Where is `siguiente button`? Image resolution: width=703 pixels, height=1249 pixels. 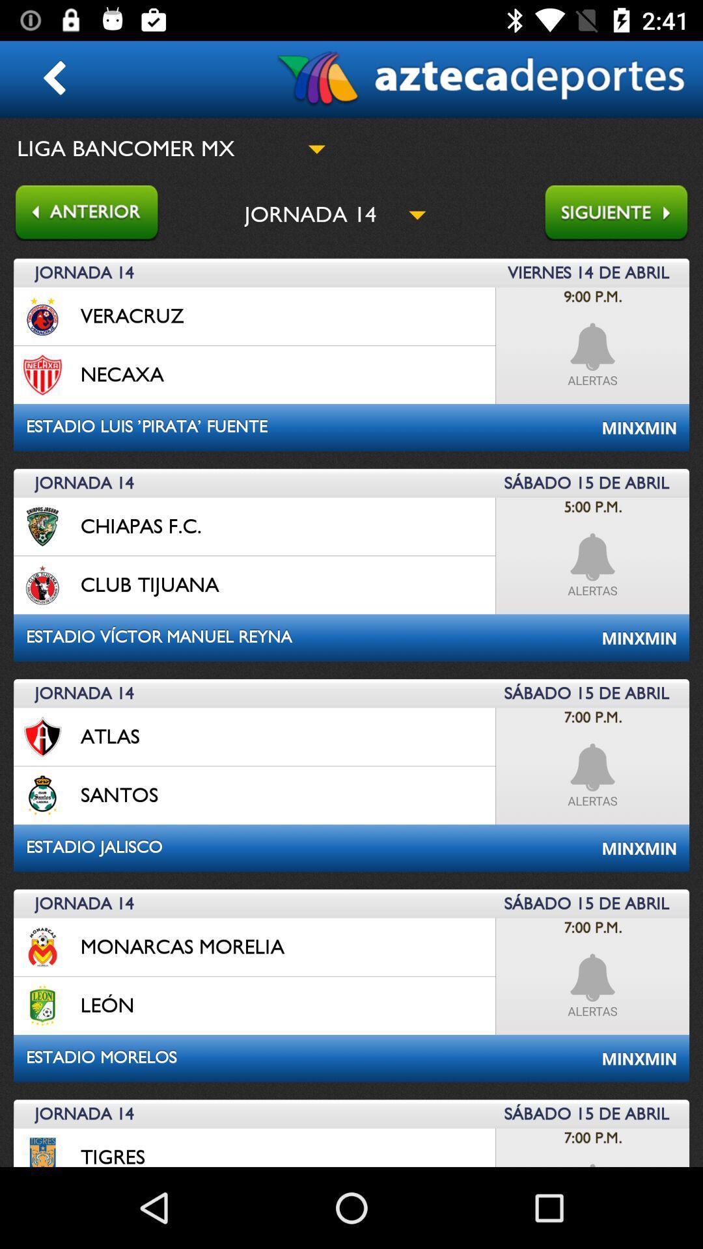
siguiente button is located at coordinates (622, 214).